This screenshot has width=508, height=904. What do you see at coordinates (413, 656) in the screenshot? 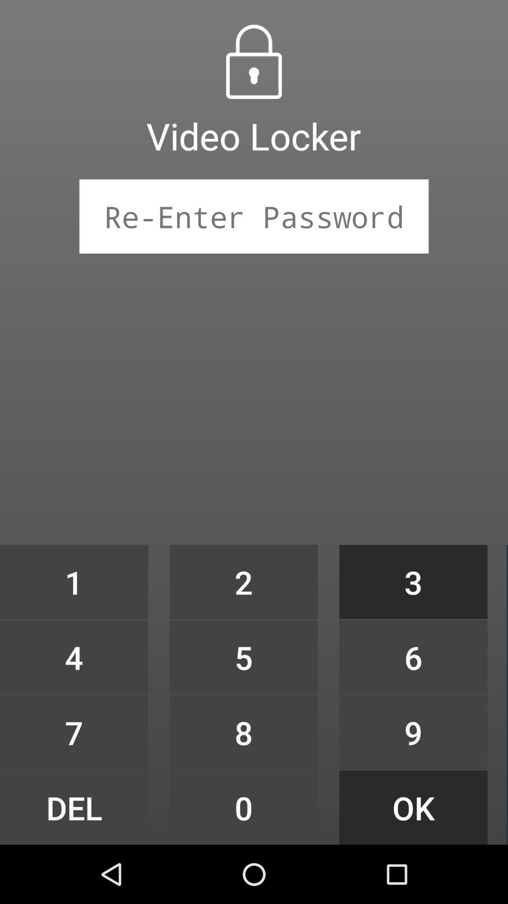
I see `the item above the 9 item` at bounding box center [413, 656].